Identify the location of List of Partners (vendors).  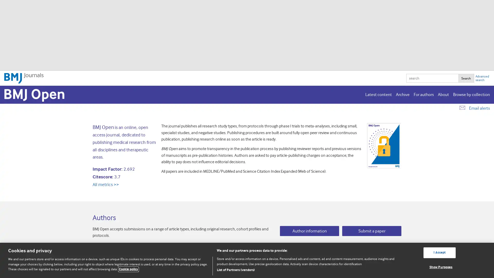
(306, 270).